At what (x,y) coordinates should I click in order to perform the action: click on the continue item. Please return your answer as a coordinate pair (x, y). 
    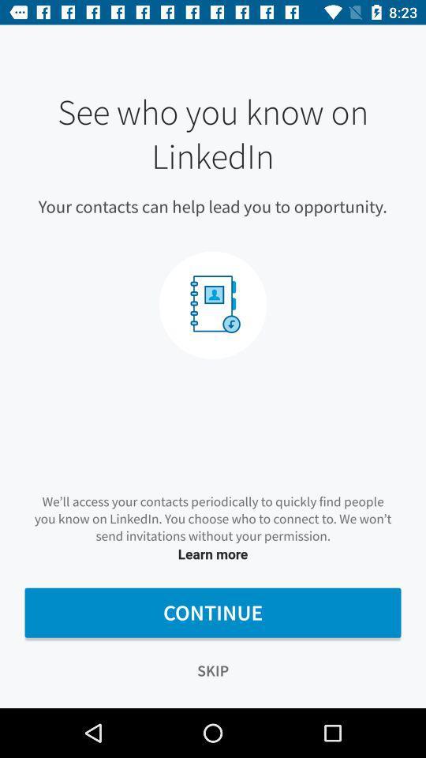
    Looking at the image, I should click on (213, 612).